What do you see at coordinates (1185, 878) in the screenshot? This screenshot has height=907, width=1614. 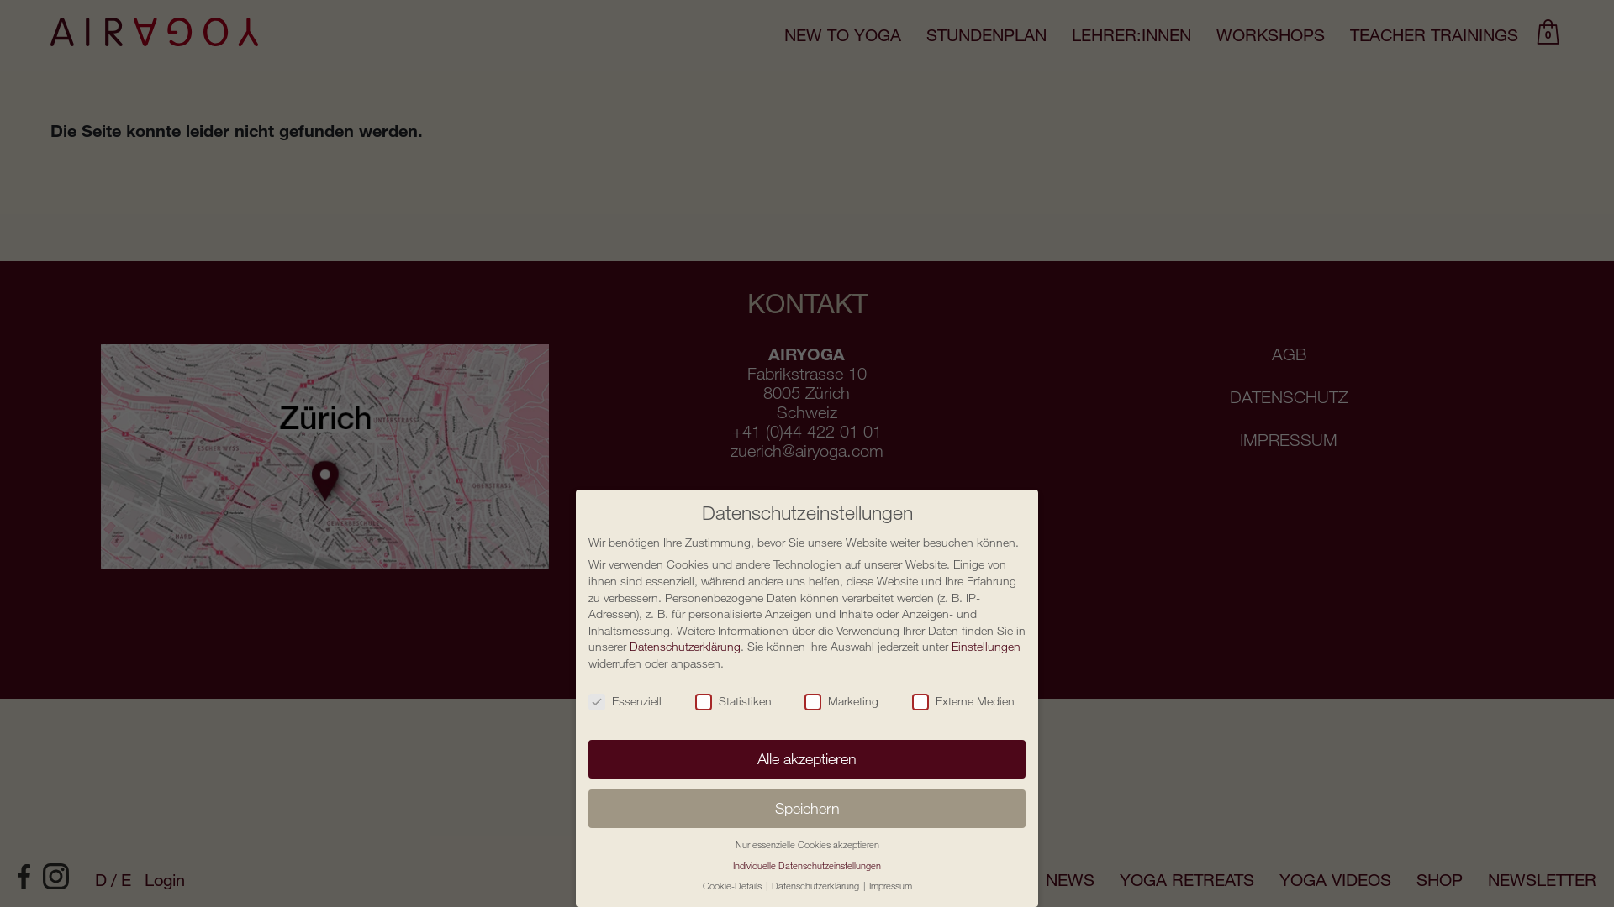 I see `'YOGA RETREATS'` at bounding box center [1185, 878].